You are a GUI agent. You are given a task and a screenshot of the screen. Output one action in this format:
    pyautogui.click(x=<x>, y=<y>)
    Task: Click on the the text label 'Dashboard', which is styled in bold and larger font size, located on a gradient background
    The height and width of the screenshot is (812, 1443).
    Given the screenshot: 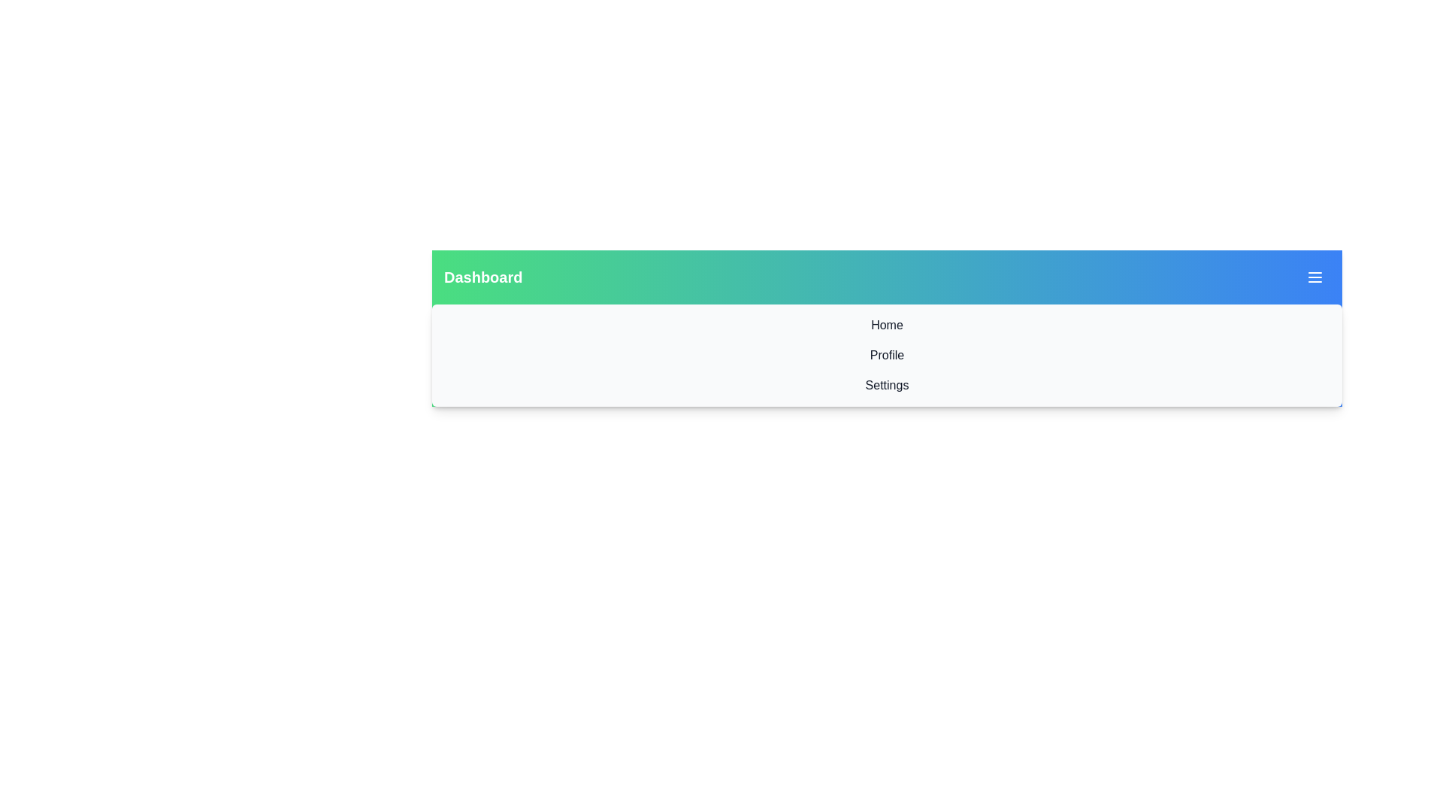 What is the action you would take?
    pyautogui.click(x=483, y=277)
    